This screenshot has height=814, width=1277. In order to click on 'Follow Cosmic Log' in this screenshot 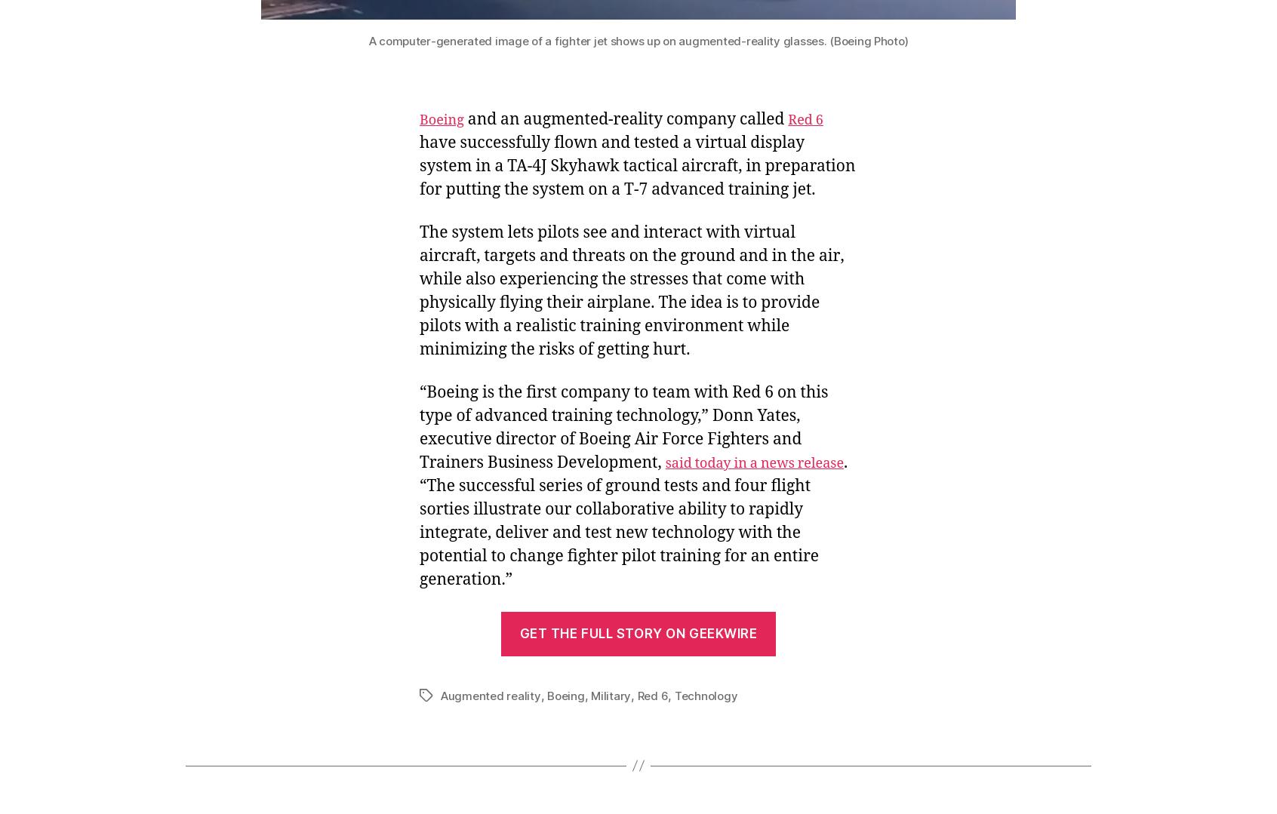, I will do `click(761, 458)`.